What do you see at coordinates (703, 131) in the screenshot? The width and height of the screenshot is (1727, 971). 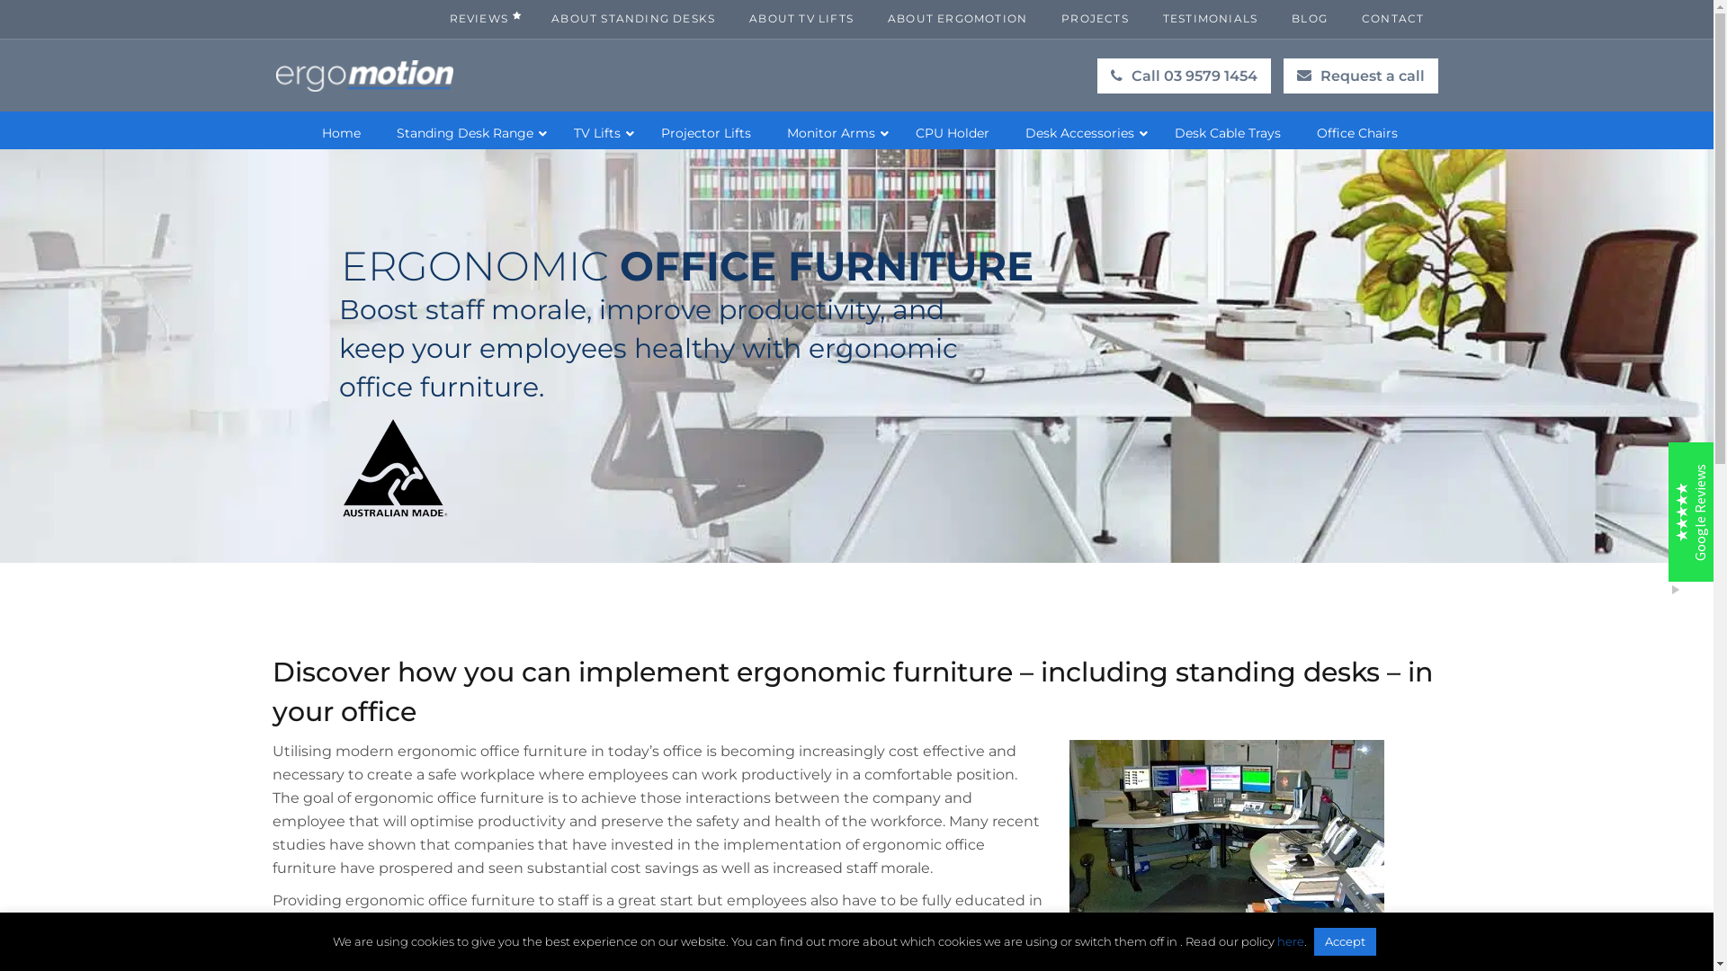 I see `'Projector Lifts'` at bounding box center [703, 131].